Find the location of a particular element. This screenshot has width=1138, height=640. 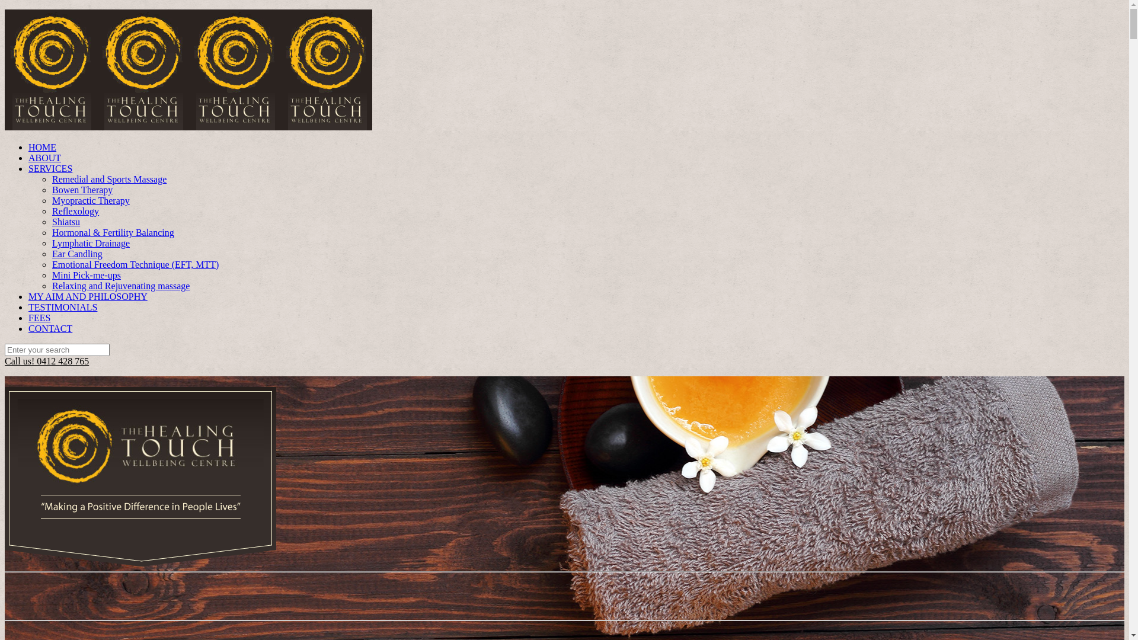

'Lymphatic Drainage' is located at coordinates (90, 242).